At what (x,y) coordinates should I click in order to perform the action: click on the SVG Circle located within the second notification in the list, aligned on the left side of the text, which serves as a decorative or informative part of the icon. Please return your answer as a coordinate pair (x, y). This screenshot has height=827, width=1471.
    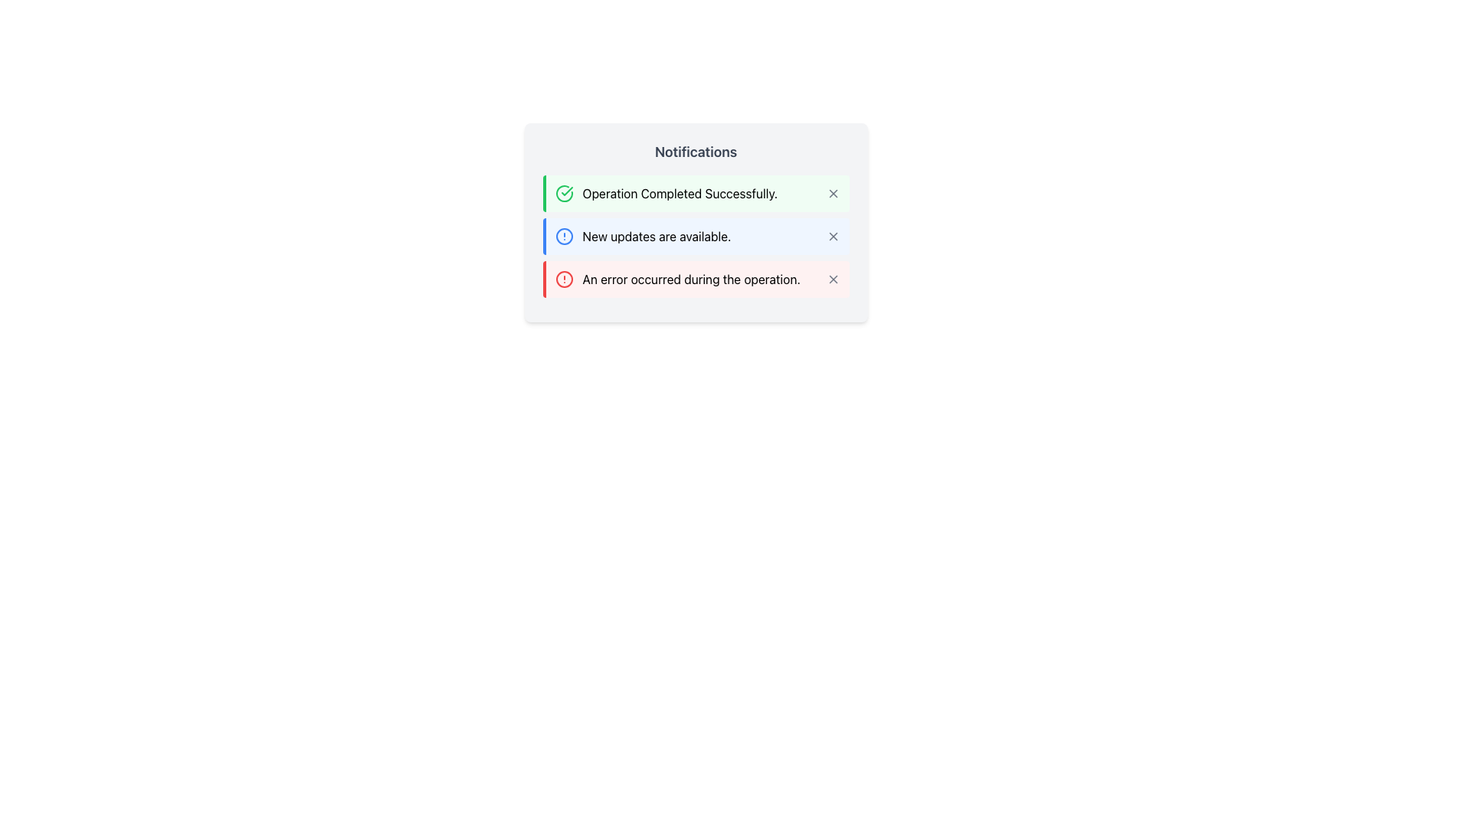
    Looking at the image, I should click on (563, 236).